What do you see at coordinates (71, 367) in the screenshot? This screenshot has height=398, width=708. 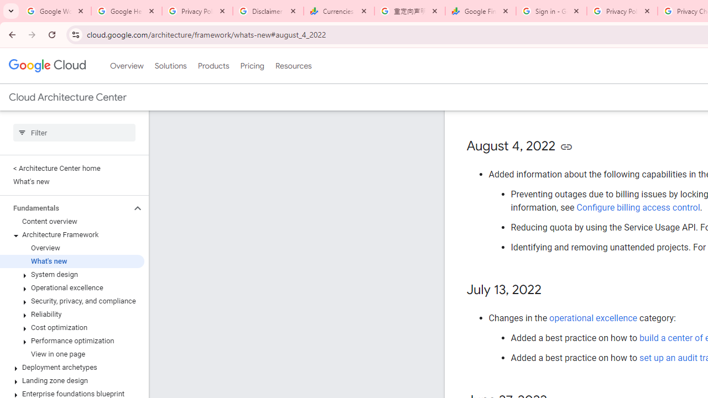 I see `'Deployment archetypes'` at bounding box center [71, 367].